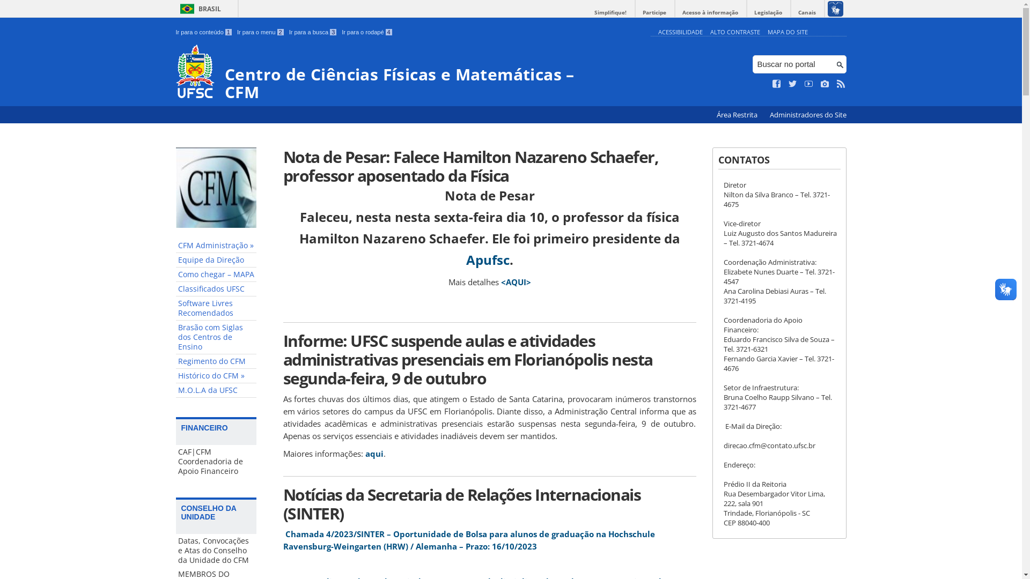  I want to click on 'Veja no Instagram', so click(820, 84).